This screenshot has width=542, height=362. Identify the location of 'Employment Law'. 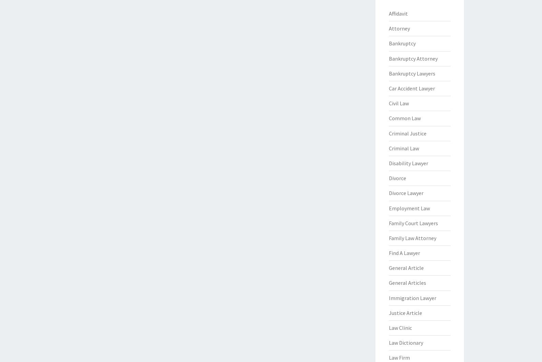
(409, 208).